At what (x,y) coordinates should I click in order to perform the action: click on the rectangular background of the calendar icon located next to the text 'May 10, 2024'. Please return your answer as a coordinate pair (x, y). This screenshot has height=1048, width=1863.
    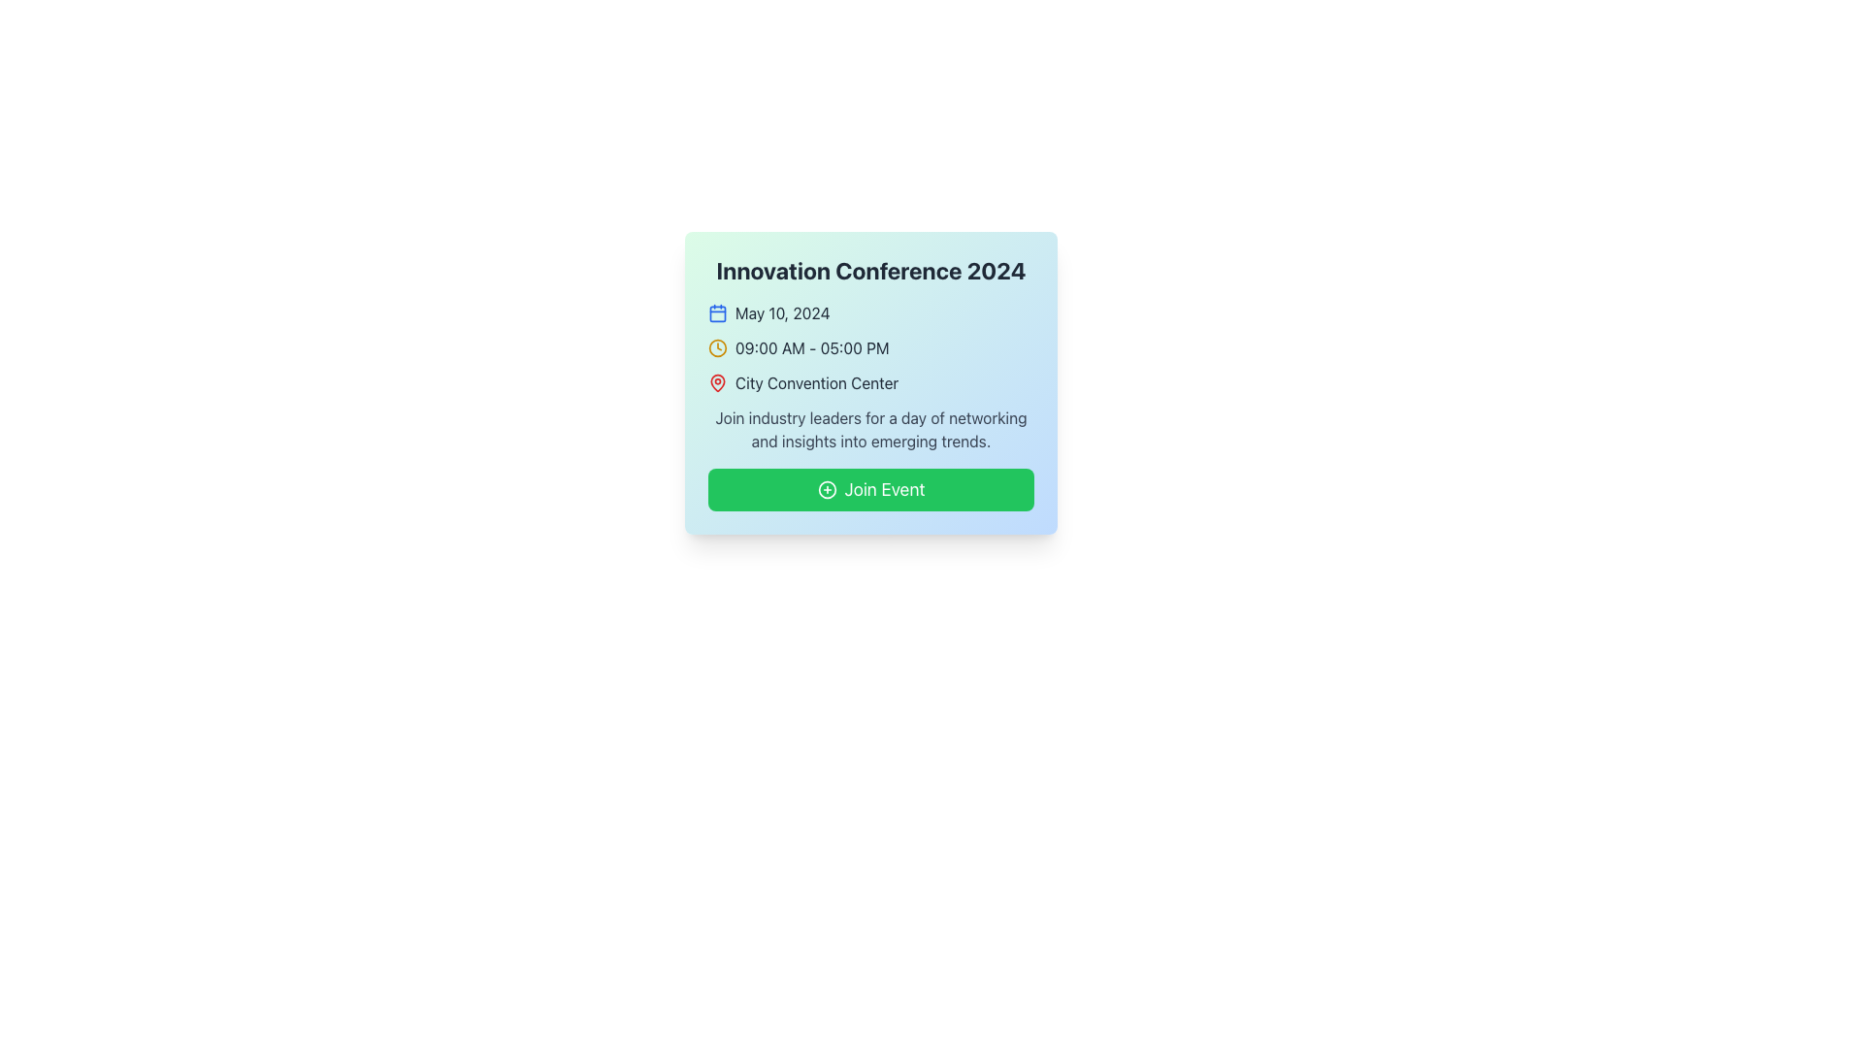
    Looking at the image, I should click on (716, 312).